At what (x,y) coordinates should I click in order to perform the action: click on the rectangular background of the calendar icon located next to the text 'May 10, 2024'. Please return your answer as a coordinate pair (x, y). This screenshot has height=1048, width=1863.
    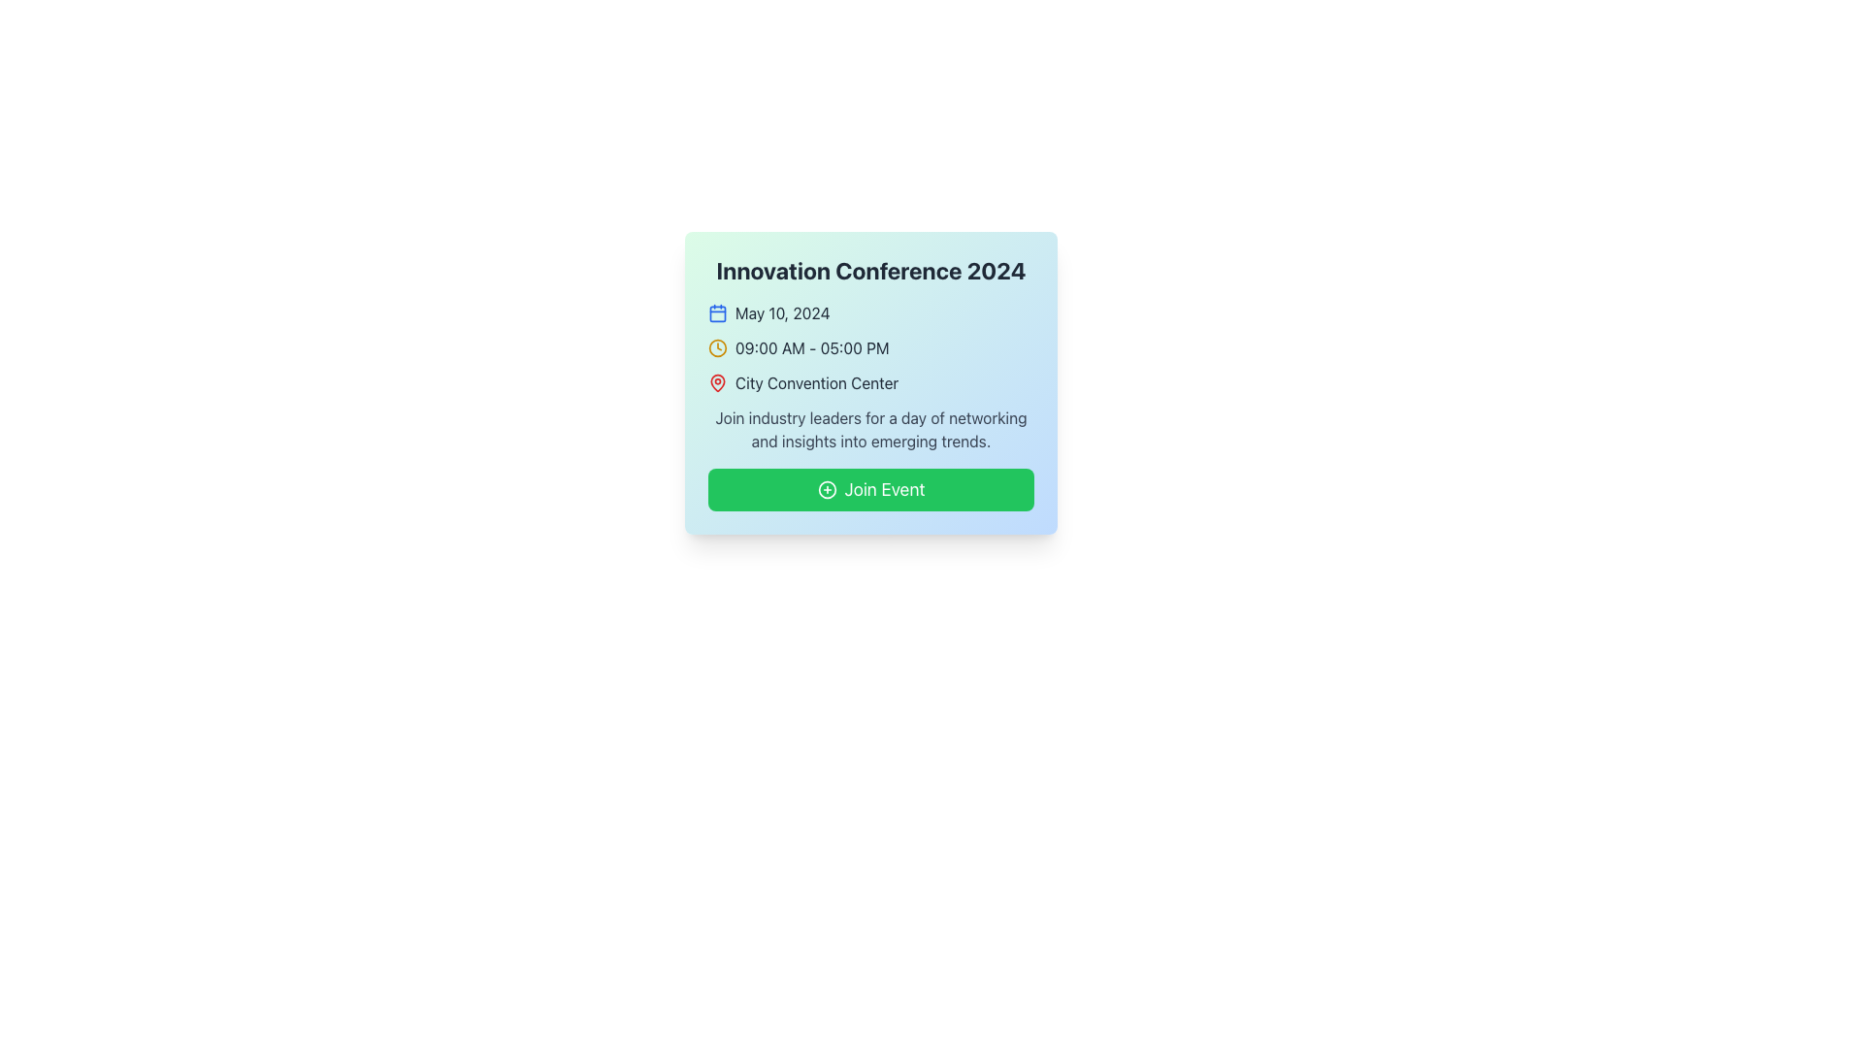
    Looking at the image, I should click on (716, 312).